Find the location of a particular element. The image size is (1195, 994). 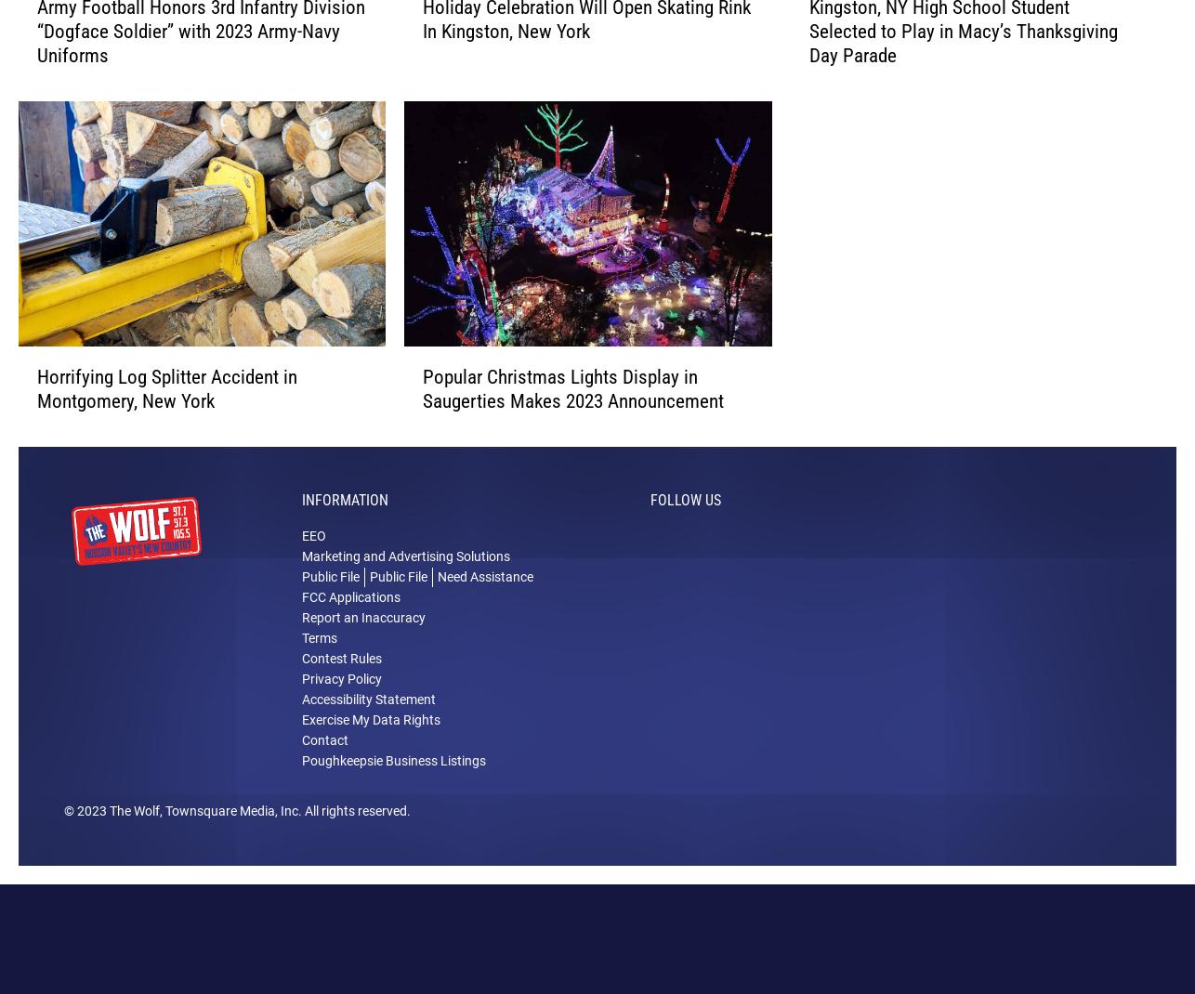

'. All rights reserved.' is located at coordinates (297, 839).